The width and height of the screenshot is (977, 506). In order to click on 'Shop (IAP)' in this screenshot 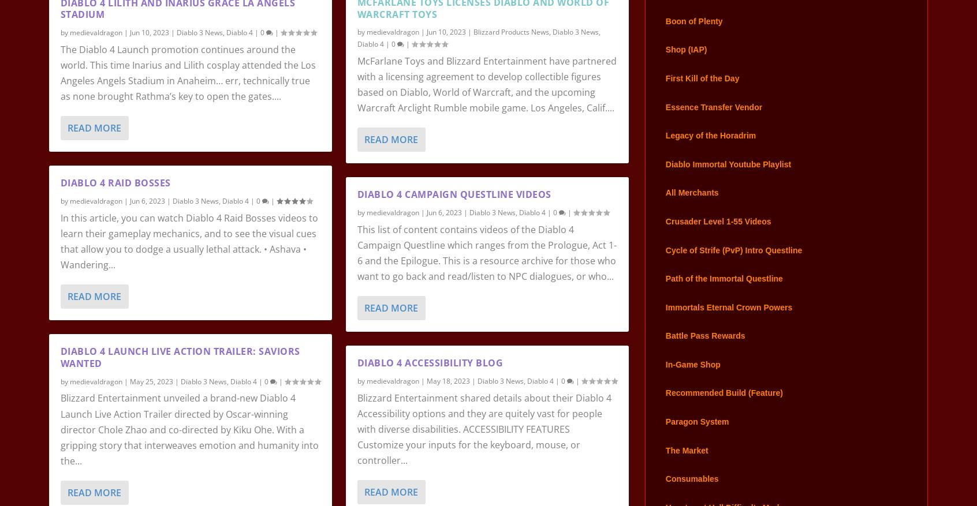, I will do `click(665, 64)`.